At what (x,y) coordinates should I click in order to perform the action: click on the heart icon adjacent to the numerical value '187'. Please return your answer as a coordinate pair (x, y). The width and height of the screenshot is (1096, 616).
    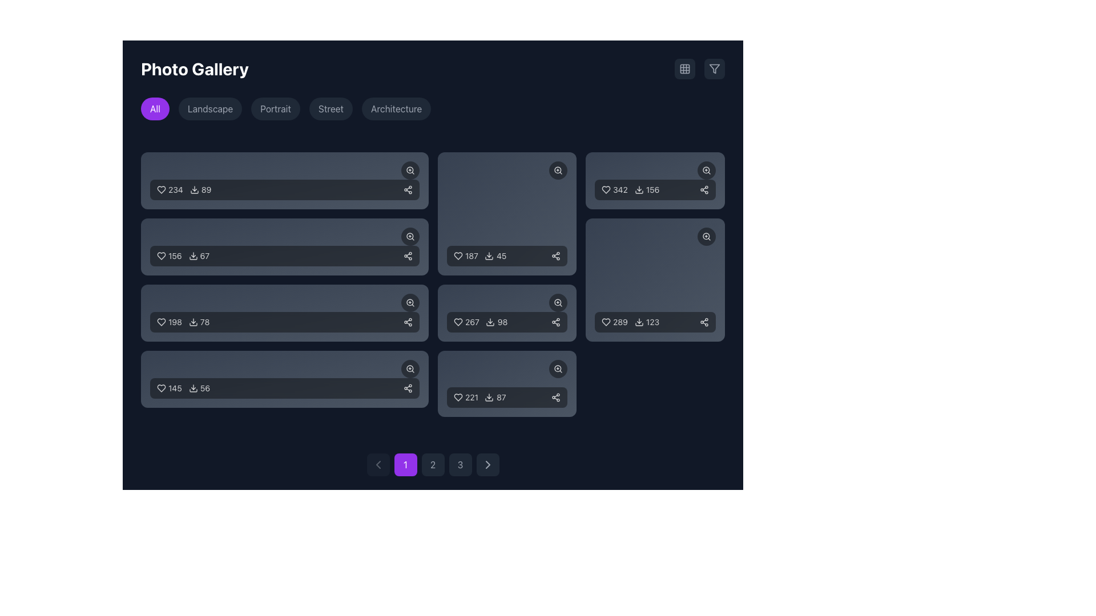
    Looking at the image, I should click on (458, 255).